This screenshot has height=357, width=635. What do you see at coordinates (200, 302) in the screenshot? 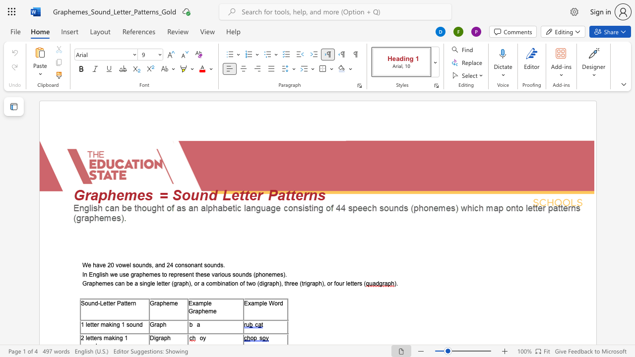
I see `the 1th character "m" in the text` at bounding box center [200, 302].